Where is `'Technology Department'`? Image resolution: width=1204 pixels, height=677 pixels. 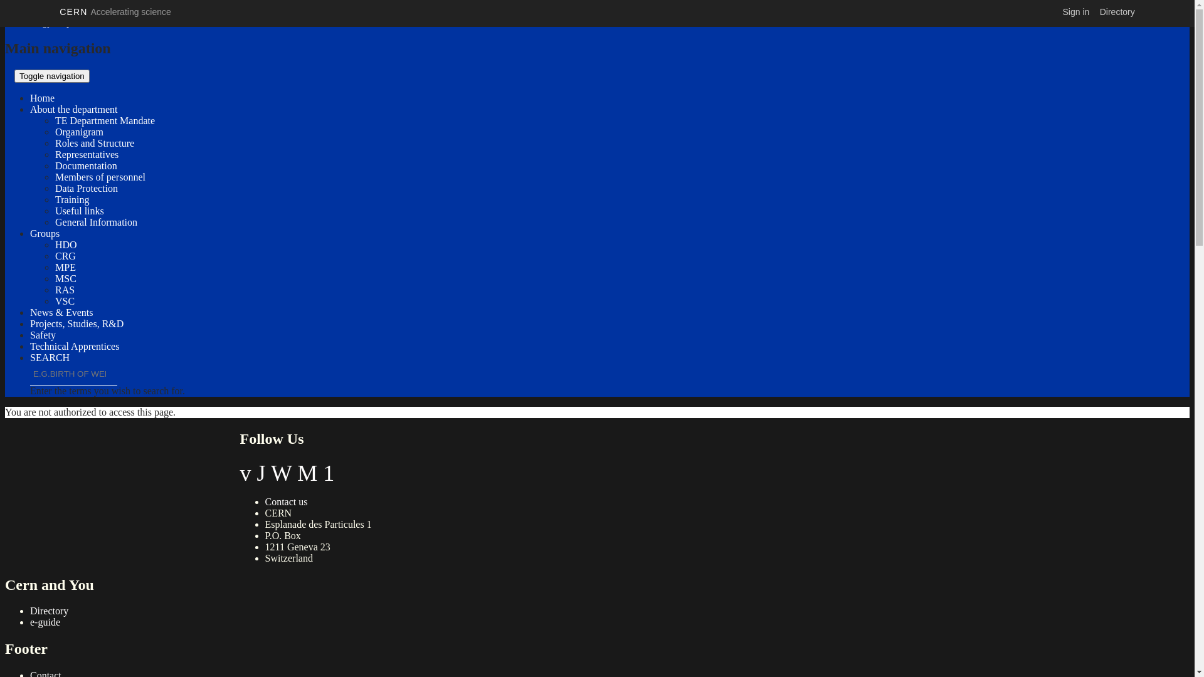
'Technology Department' is located at coordinates (53, 21).